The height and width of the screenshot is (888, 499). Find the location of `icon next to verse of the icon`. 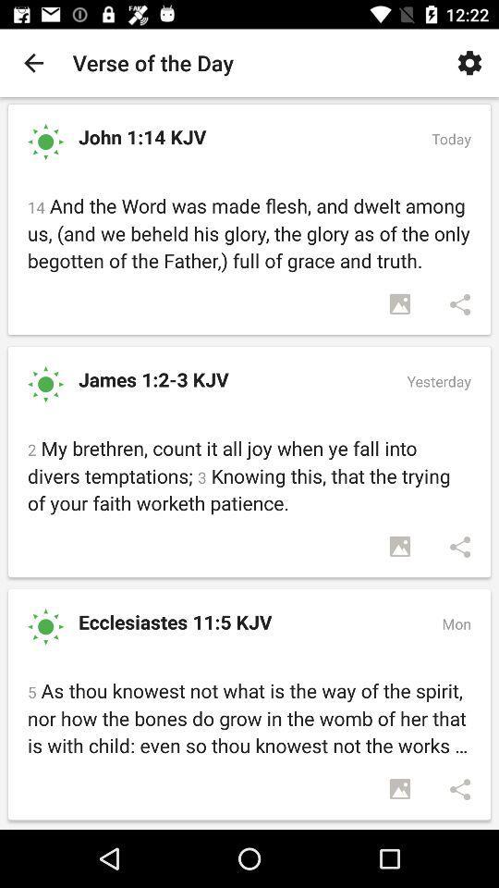

icon next to verse of the icon is located at coordinates (33, 63).